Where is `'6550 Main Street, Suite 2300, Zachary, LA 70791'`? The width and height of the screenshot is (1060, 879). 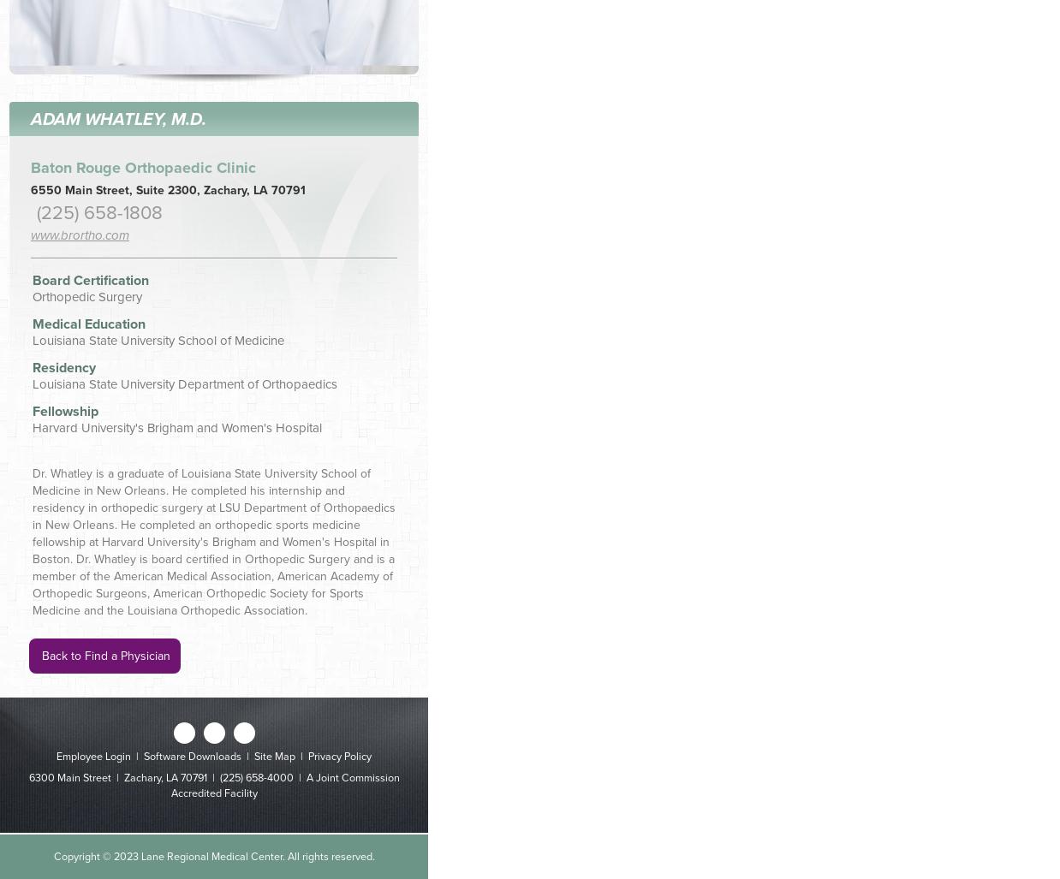
'6550 Main Street, Suite 2300, Zachary, LA 70791' is located at coordinates (168, 188).